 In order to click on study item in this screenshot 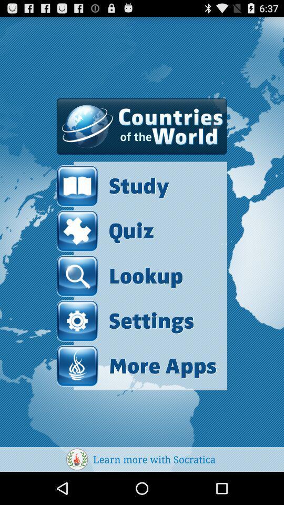, I will do `click(136, 186)`.